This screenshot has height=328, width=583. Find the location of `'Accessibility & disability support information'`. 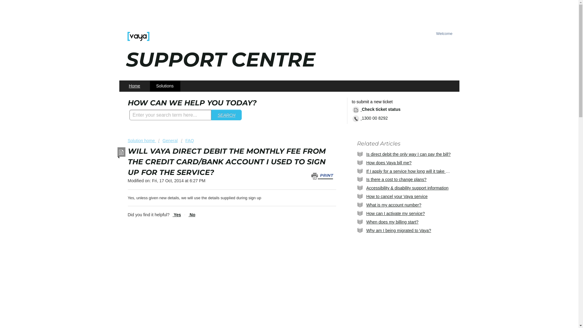

'Accessibility & disability support information' is located at coordinates (407, 187).